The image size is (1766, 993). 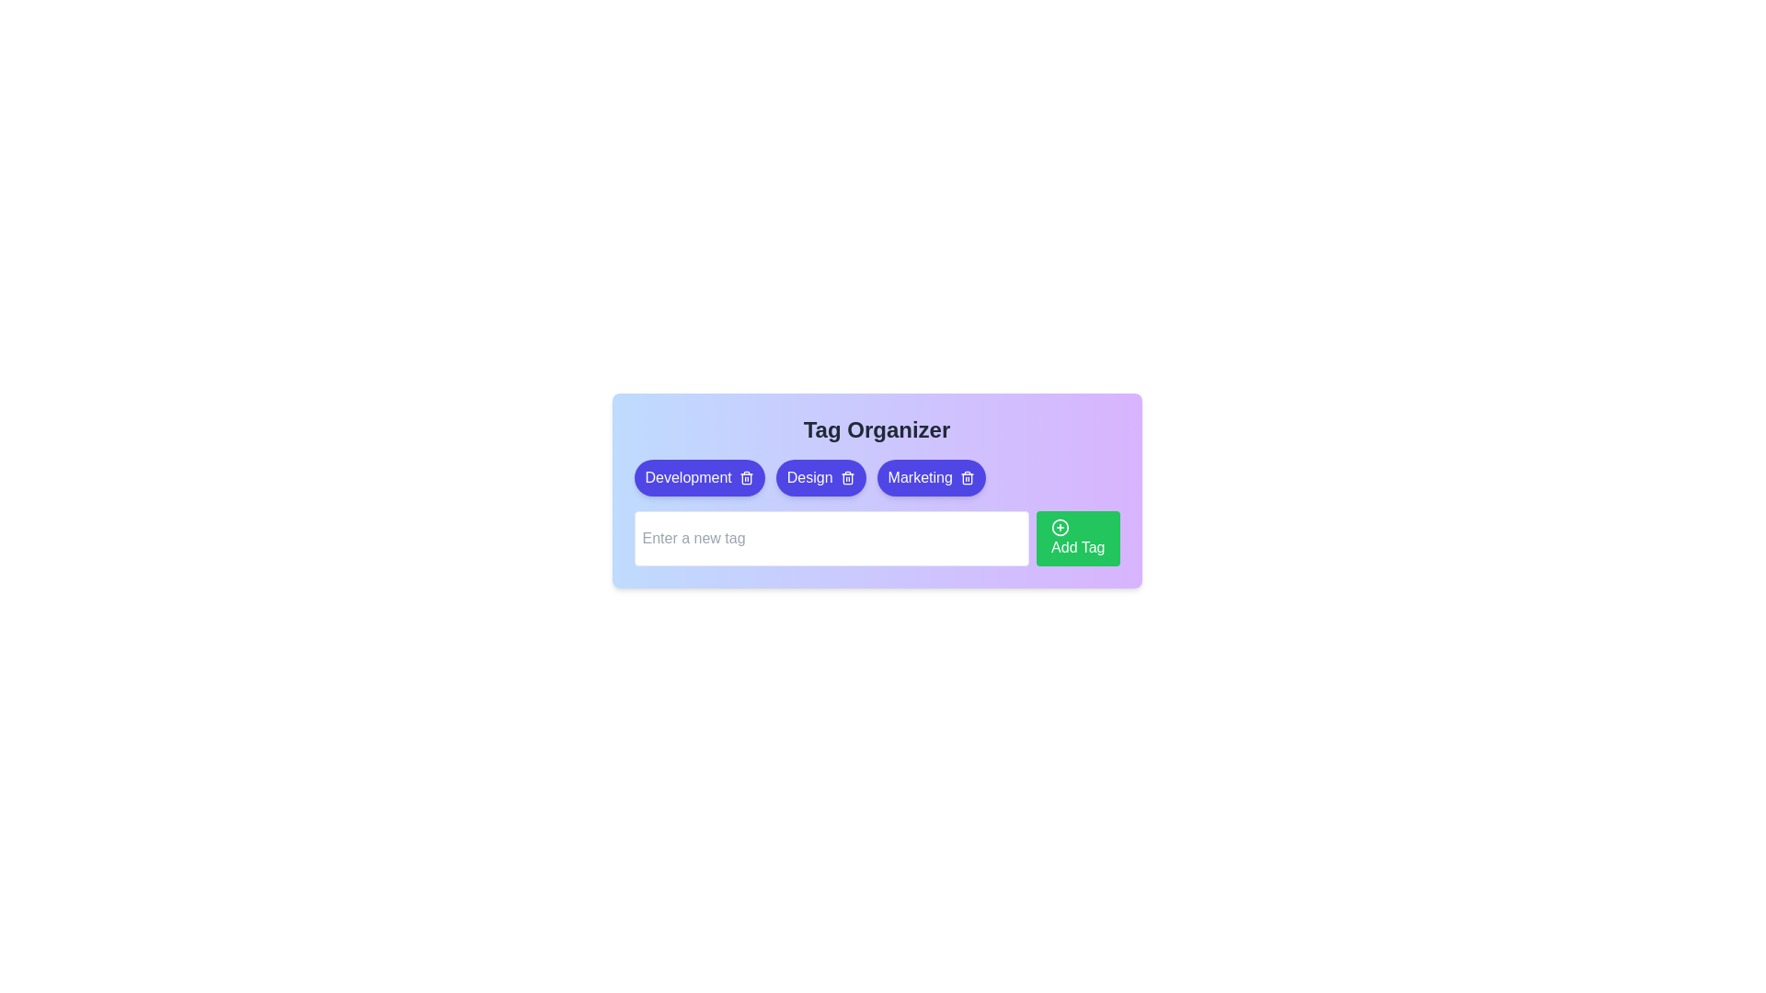 I want to click on the delete button associated with the 'Design' tag to possibly display a tooltip, so click(x=846, y=477).